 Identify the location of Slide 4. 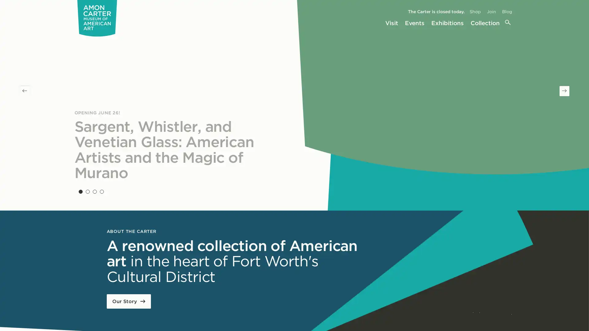
(102, 191).